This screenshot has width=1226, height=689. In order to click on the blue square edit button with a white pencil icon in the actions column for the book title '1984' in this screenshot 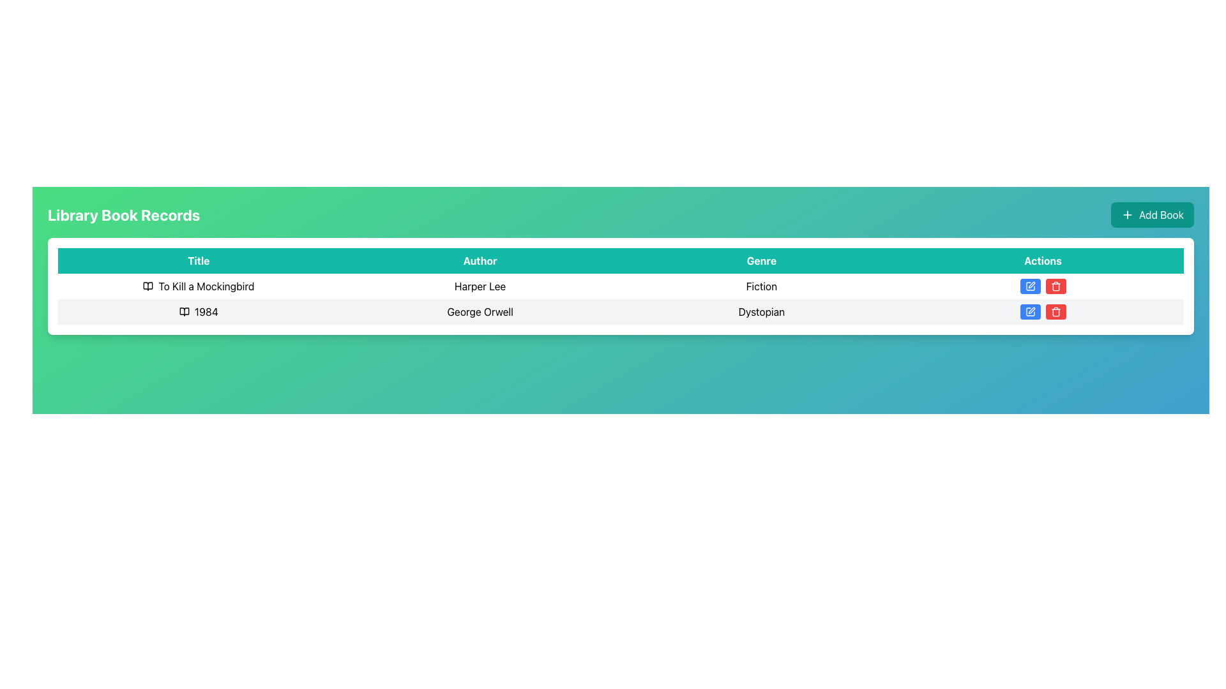, I will do `click(1030, 285)`.